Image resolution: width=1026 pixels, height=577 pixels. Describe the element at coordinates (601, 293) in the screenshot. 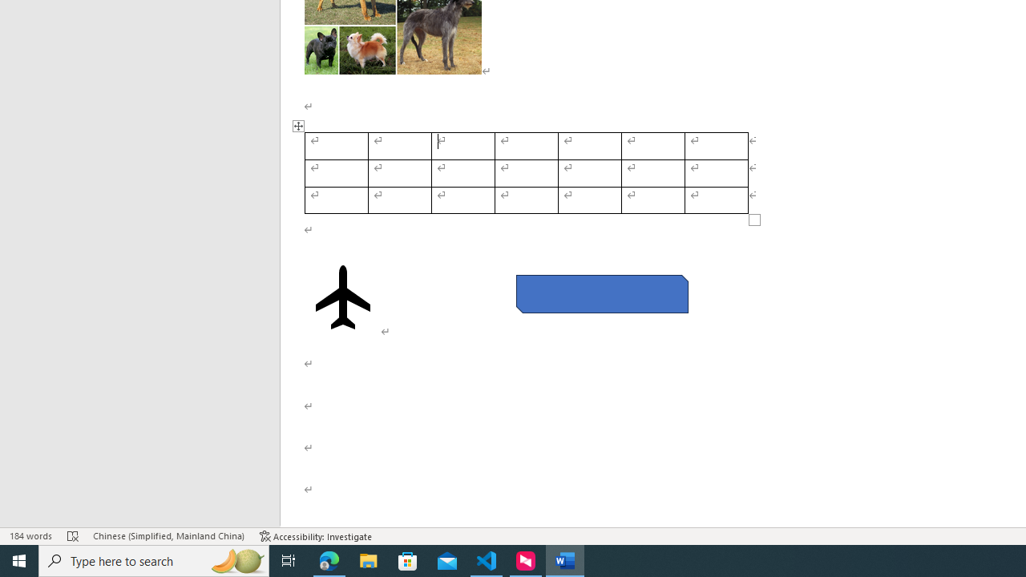

I see `'Rectangle: Diagonal Corners Snipped 2'` at that location.